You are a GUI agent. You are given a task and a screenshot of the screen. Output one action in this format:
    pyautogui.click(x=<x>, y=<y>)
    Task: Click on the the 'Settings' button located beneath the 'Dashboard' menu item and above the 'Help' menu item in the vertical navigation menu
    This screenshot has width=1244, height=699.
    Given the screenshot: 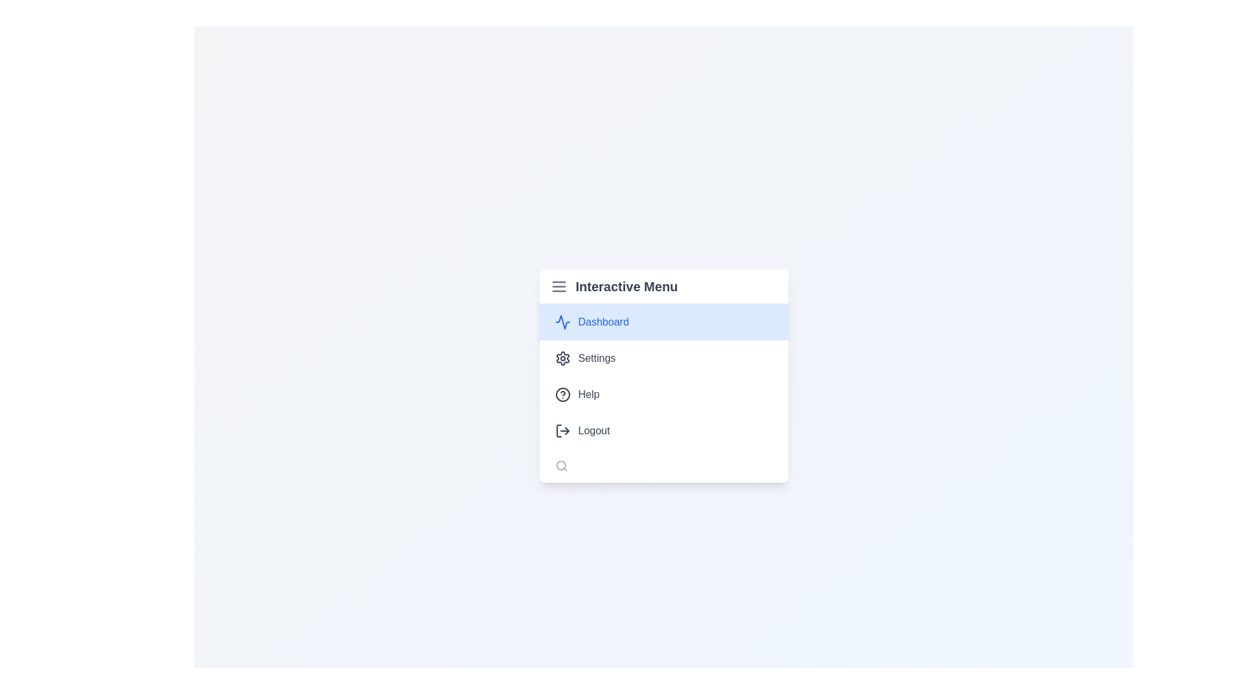 What is the action you would take?
    pyautogui.click(x=663, y=358)
    